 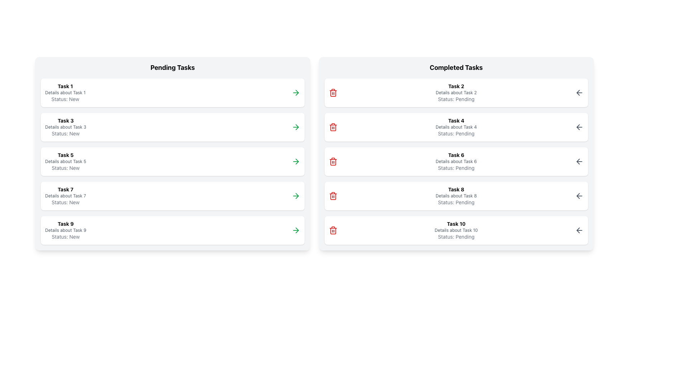 What do you see at coordinates (333, 230) in the screenshot?
I see `the red trash can icon button located on the far left side of the 'Task 10' card in the 'Completed Tasks' group` at bounding box center [333, 230].